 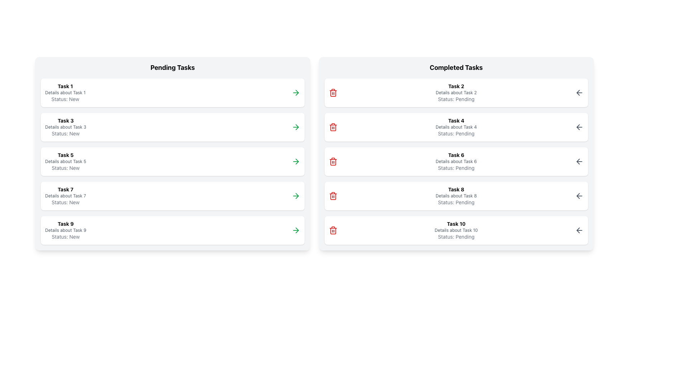 What do you see at coordinates (333, 230) in the screenshot?
I see `the red trash can icon button located on the far left side of the 'Task 10' card in the 'Completed Tasks' group` at bounding box center [333, 230].